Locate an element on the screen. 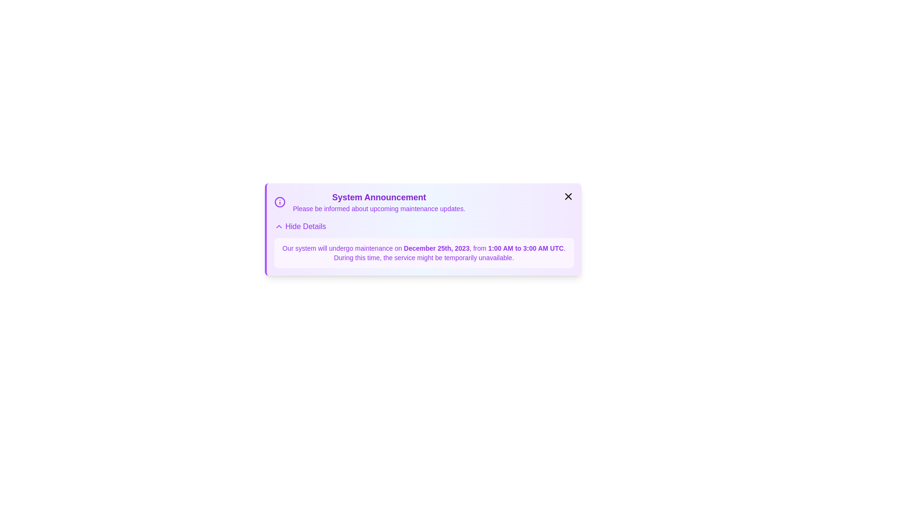  the circular informational icon featuring an 'I' symbol, which is located in the upper-left region of the notification box adjacent to the text titled 'System Announcement' is located at coordinates (279, 201).